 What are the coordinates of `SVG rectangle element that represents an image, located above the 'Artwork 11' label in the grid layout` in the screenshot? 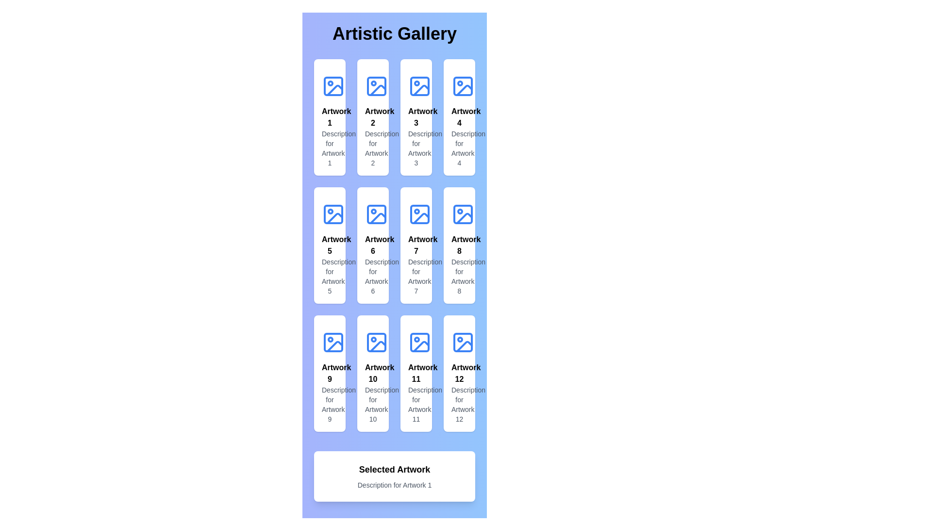 It's located at (419, 342).